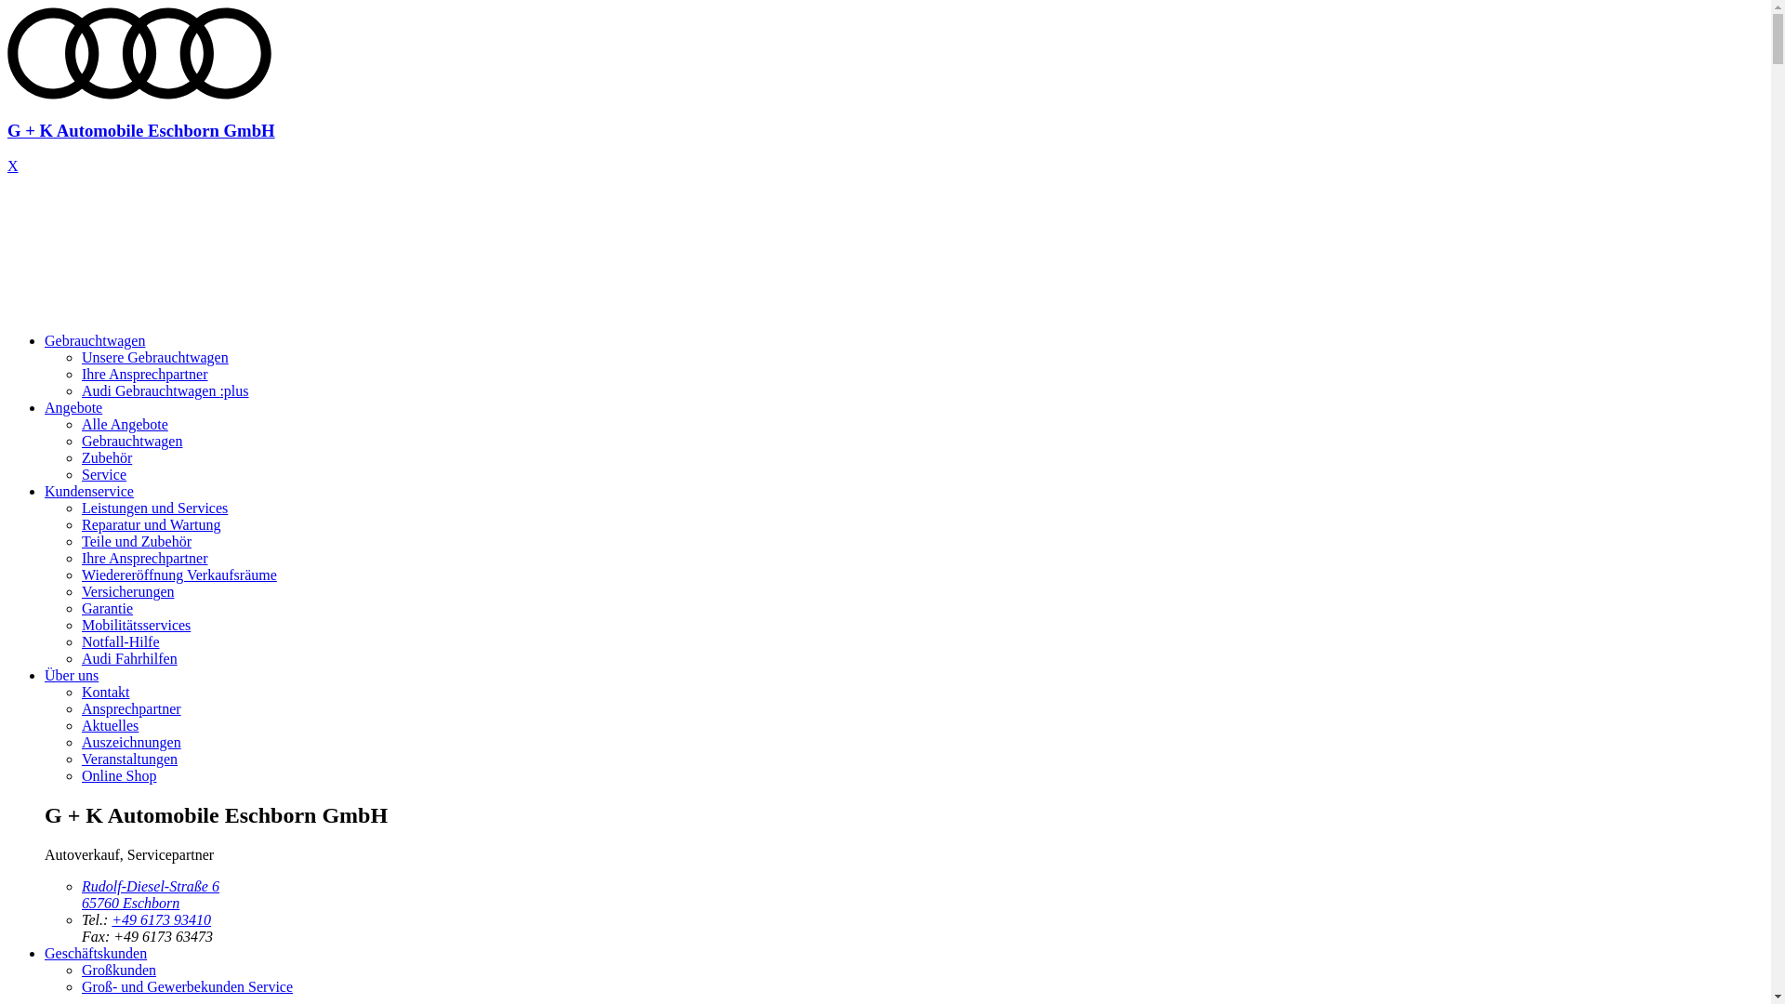 This screenshot has width=1785, height=1004. What do you see at coordinates (119, 641) in the screenshot?
I see `'Notfall-Hilfe'` at bounding box center [119, 641].